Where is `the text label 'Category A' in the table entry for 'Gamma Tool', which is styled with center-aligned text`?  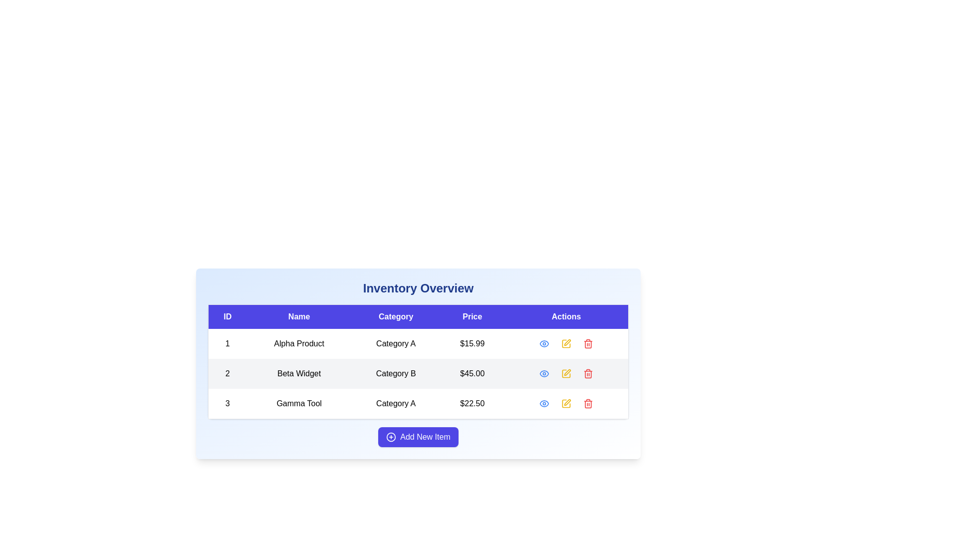 the text label 'Category A' in the table entry for 'Gamma Tool', which is styled with center-aligned text is located at coordinates (395, 403).